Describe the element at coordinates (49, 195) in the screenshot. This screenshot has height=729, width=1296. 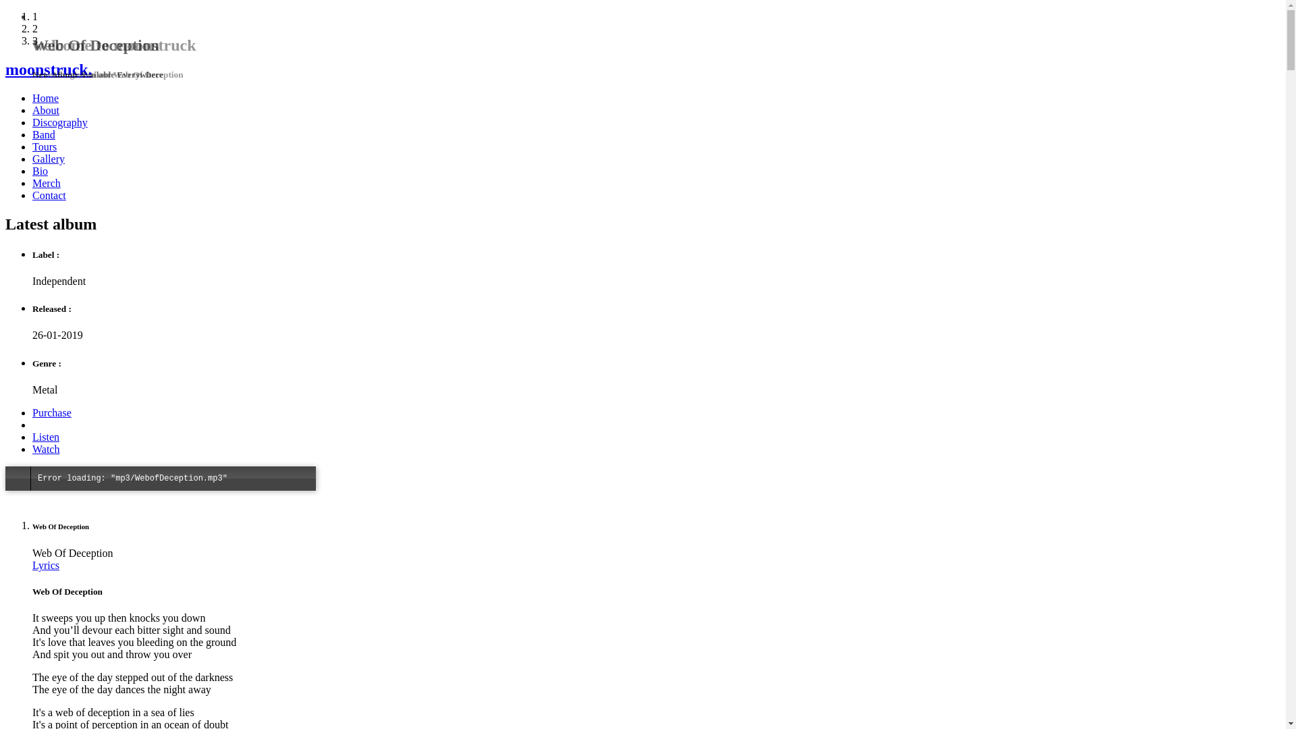
I see `'Contact'` at that location.